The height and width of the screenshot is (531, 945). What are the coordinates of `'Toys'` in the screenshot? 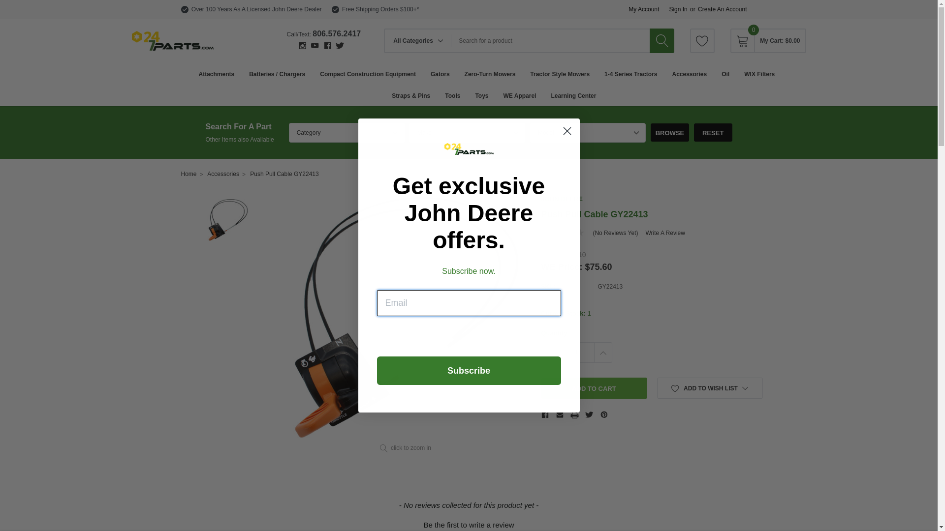 It's located at (481, 95).